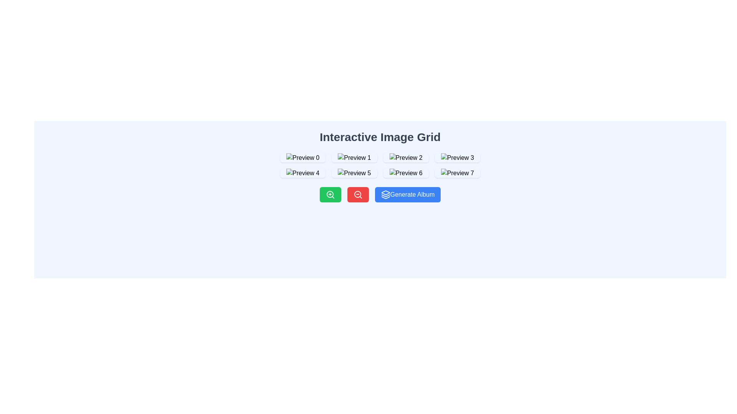 Image resolution: width=737 pixels, height=414 pixels. What do you see at coordinates (380, 137) in the screenshot?
I see `title text 'Interactive Image Grid' which is displayed in large, bold font at the top center of the interface` at bounding box center [380, 137].